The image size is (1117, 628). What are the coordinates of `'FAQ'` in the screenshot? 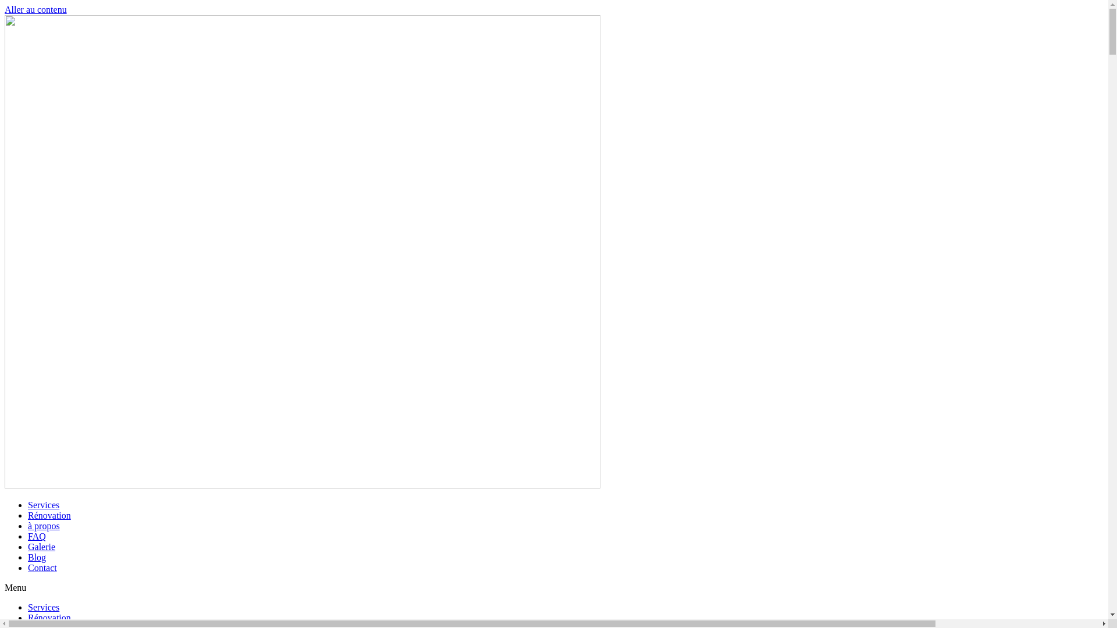 It's located at (37, 536).